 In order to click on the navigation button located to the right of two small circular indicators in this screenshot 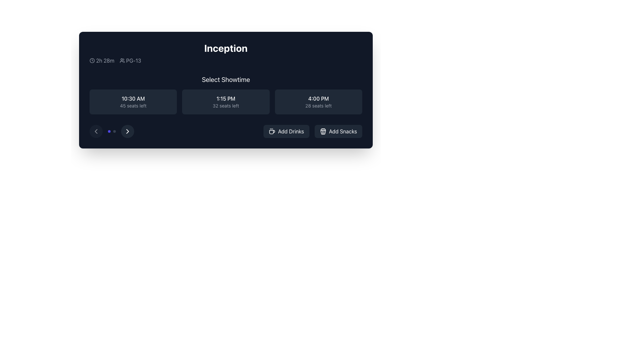, I will do `click(127, 131)`.